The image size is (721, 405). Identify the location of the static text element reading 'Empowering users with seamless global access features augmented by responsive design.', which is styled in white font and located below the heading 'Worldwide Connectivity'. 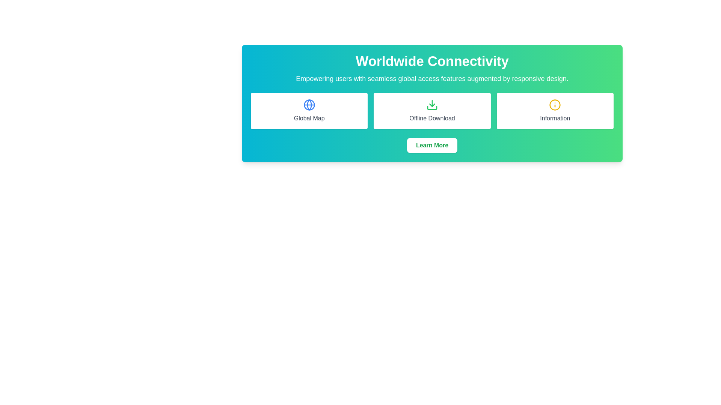
(432, 78).